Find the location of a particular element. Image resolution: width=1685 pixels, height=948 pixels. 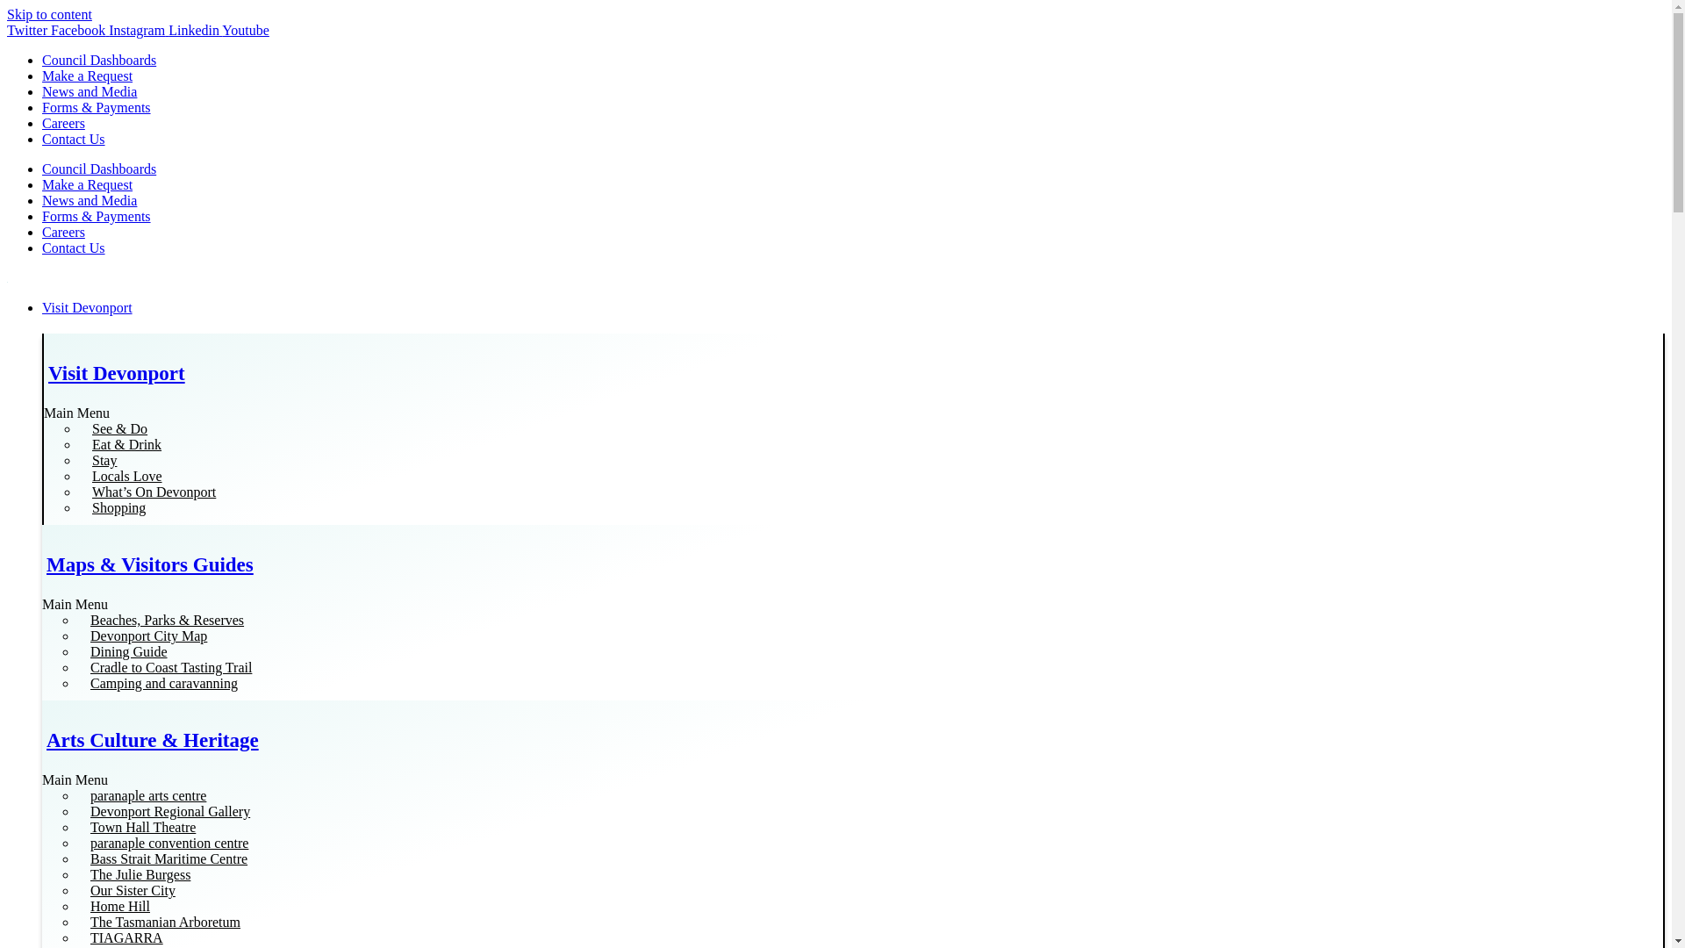

'Make a Request' is located at coordinates (86, 184).